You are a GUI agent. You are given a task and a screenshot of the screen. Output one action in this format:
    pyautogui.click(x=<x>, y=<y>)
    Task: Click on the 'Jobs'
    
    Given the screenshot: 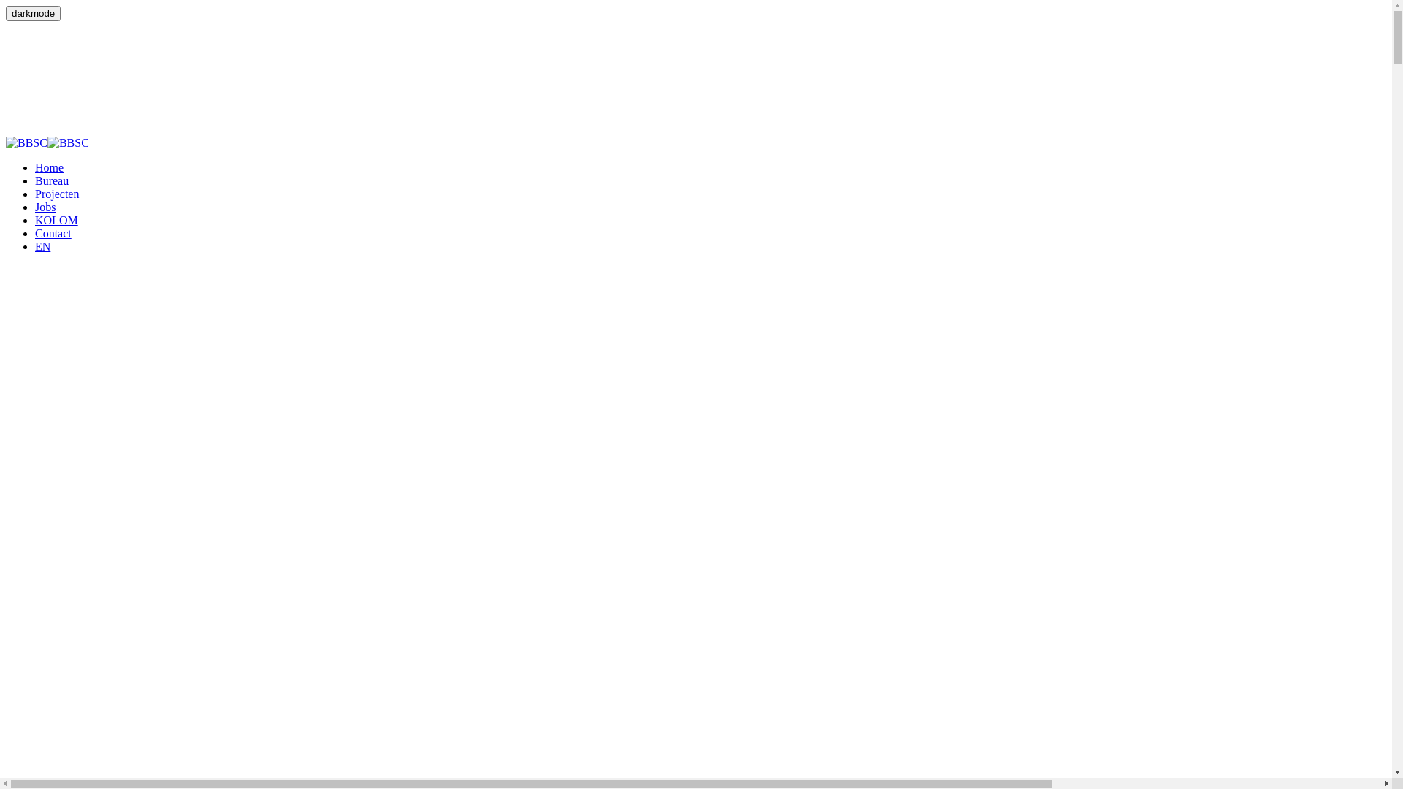 What is the action you would take?
    pyautogui.click(x=45, y=207)
    